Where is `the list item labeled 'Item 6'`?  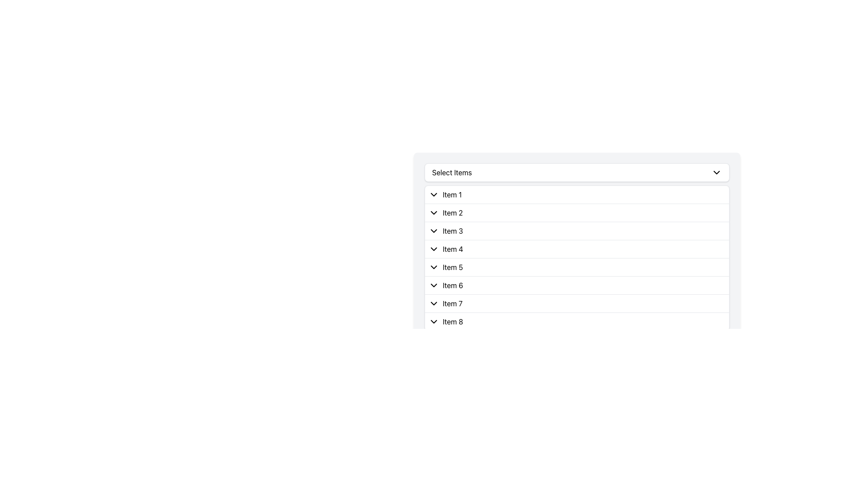 the list item labeled 'Item 6' is located at coordinates (577, 285).